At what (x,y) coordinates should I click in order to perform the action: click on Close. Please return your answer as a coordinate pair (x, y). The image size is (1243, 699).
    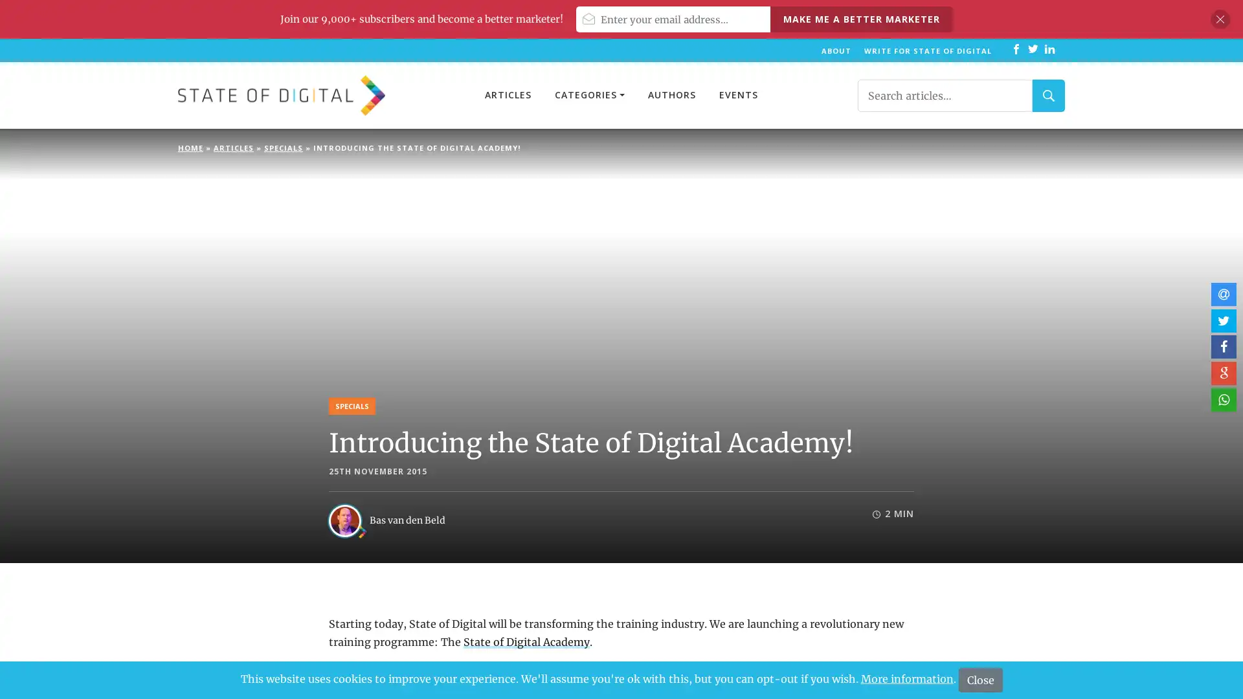
    Looking at the image, I should click on (980, 679).